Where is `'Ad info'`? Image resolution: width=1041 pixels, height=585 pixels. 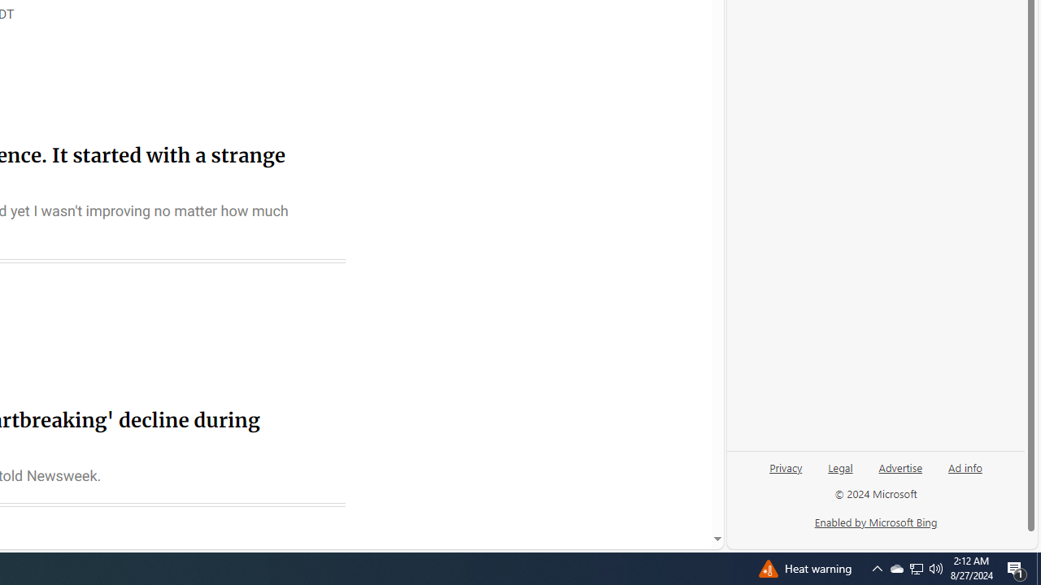
'Ad info' is located at coordinates (965, 474).